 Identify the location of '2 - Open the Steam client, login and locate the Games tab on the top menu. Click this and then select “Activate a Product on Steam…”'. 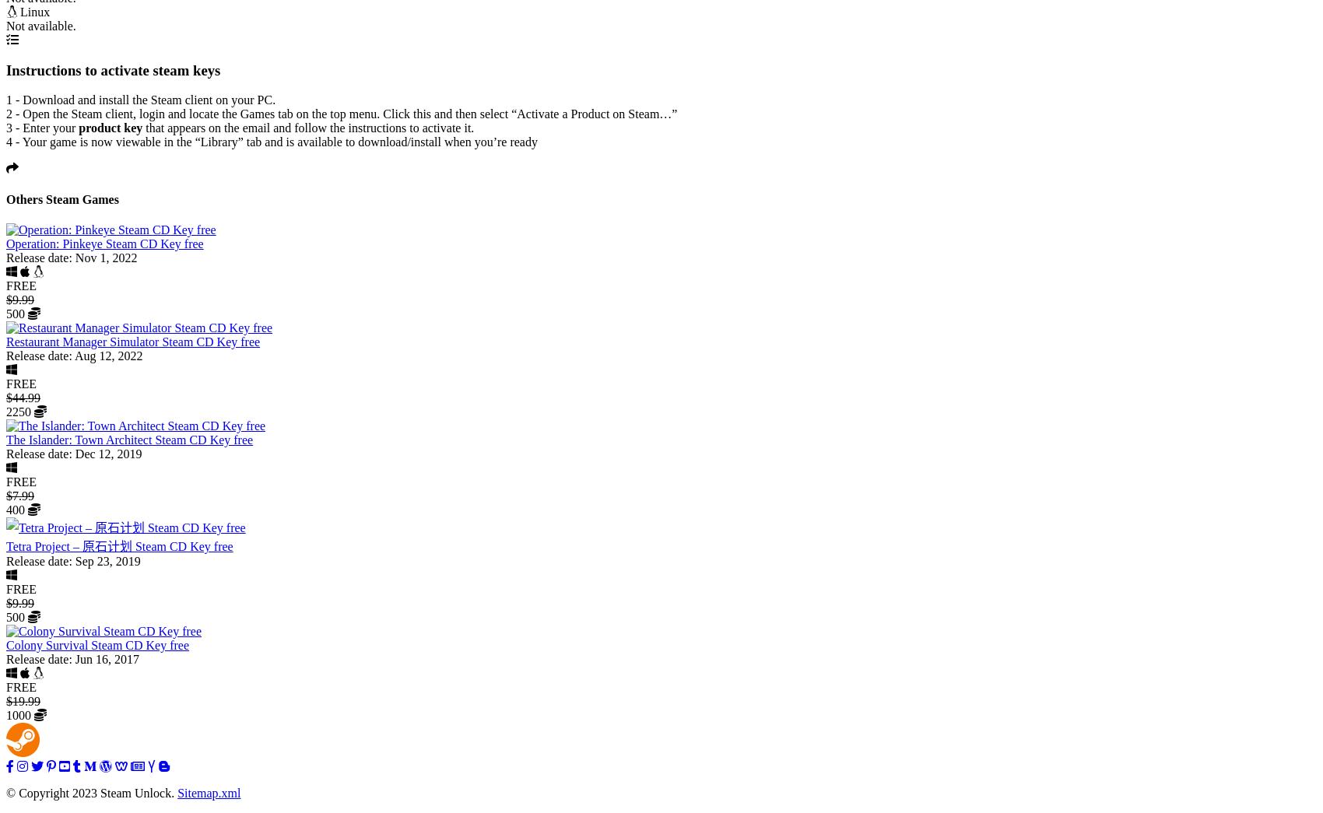
(341, 113).